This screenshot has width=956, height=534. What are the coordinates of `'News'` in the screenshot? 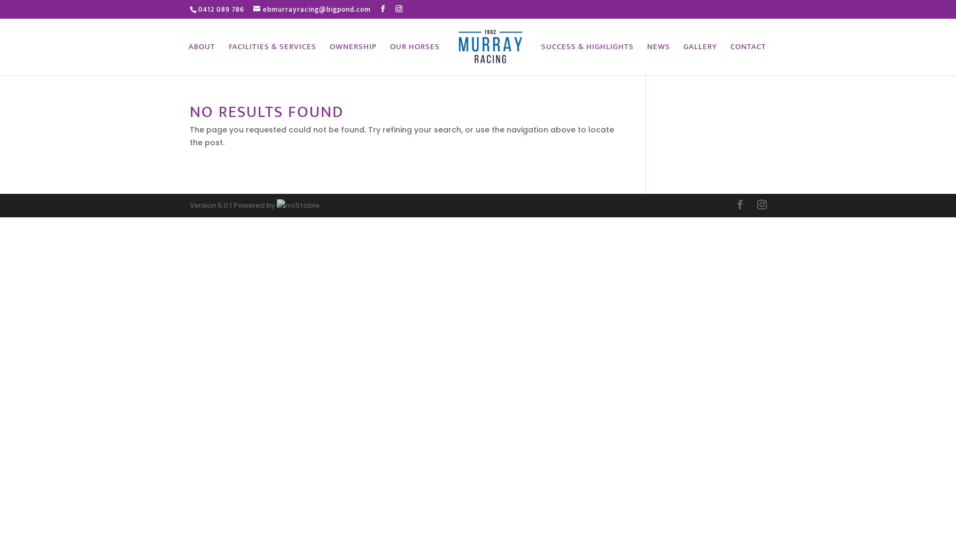 It's located at (658, 45).